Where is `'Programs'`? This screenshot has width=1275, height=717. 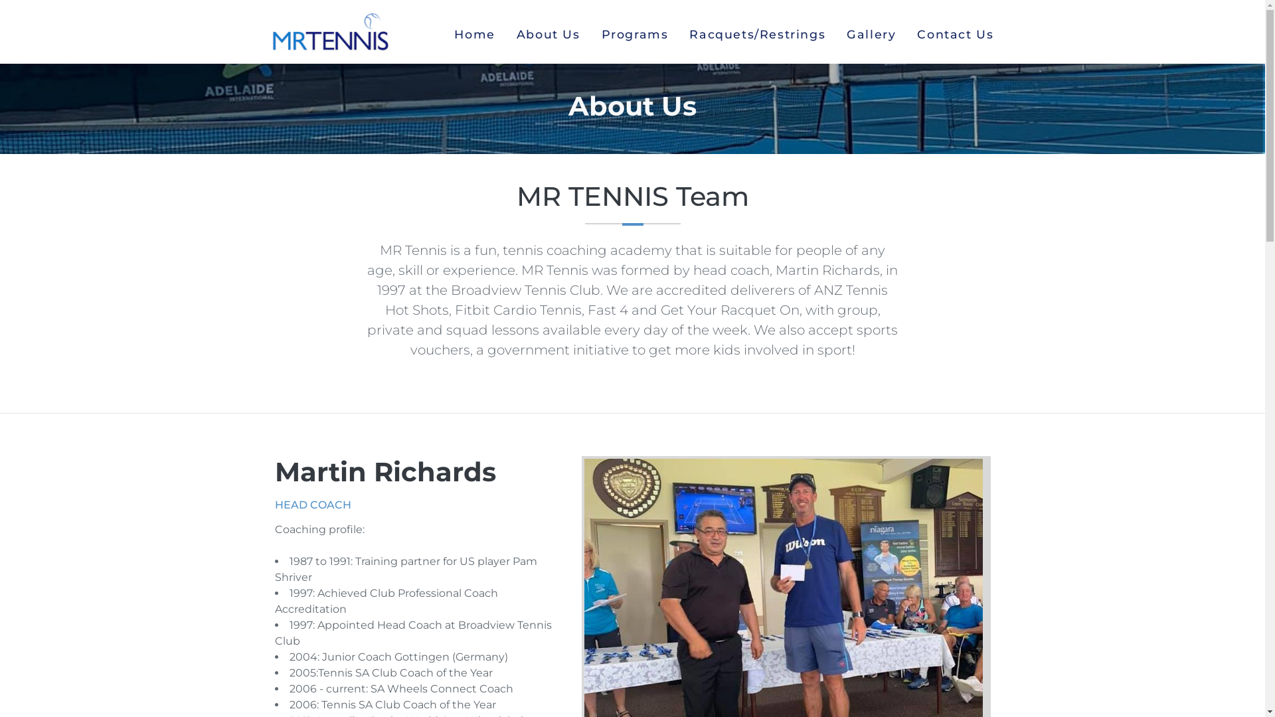
'Programs' is located at coordinates (634, 33).